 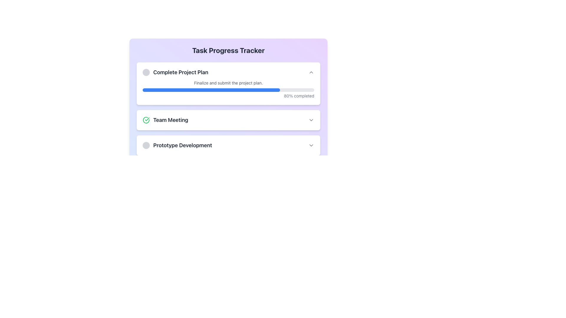 I want to click on the progress bar indicating 80% completion located in the 'Complete Project Plan' section of the task tracker interface, so click(x=211, y=90).